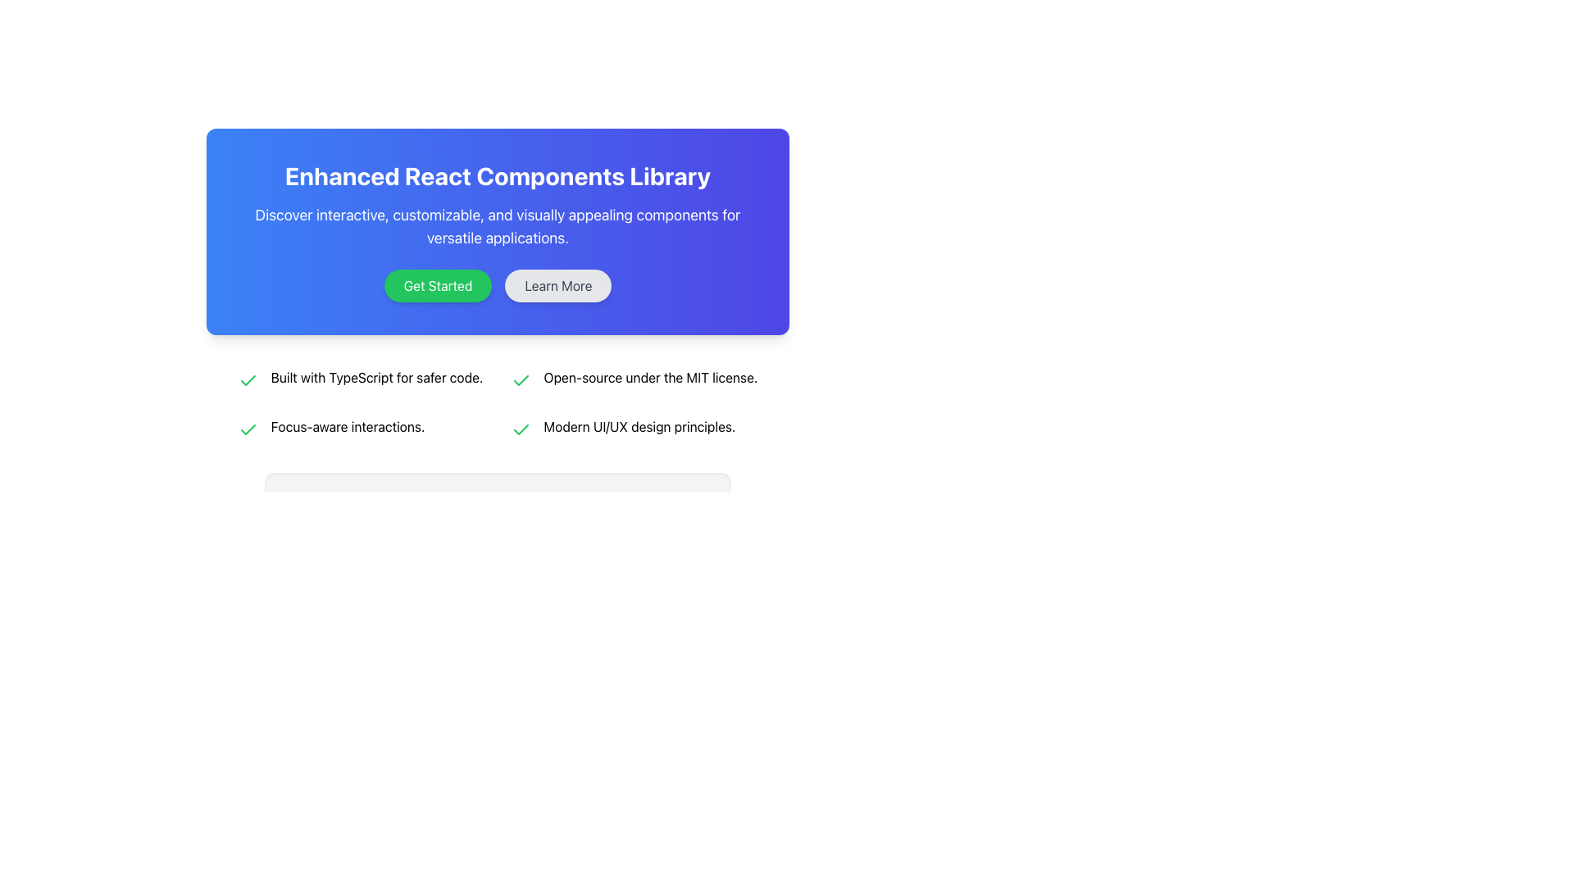  I want to click on the affirmative icon located to the left of the text 'Built with TypeScript for safer code.' in the upper-left part of the features section, so click(247, 381).